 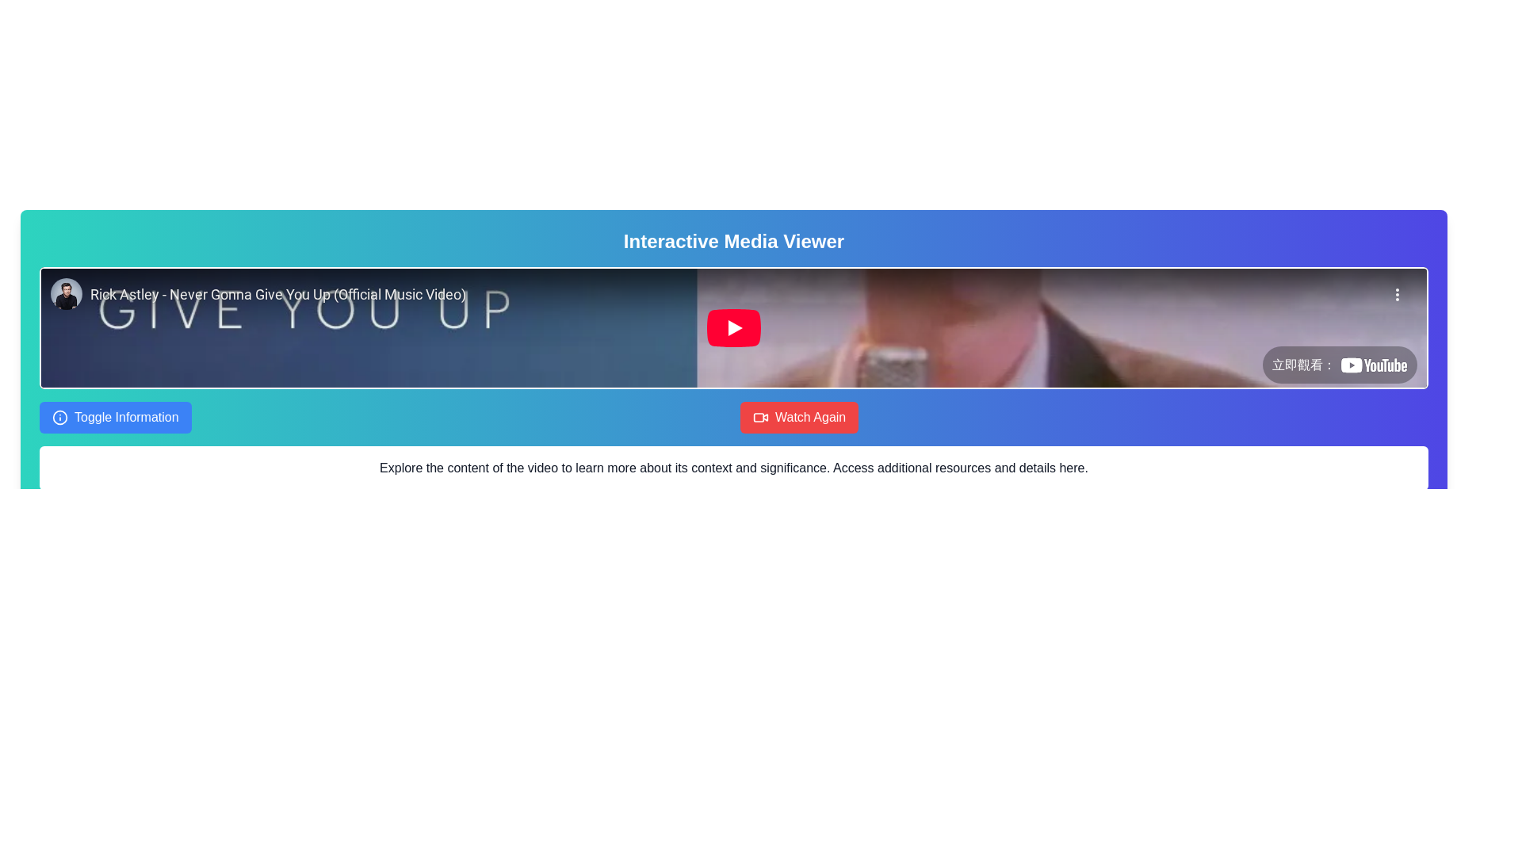 What do you see at coordinates (758, 417) in the screenshot?
I see `the rectangular Graphical Icon Component with rounded corners that has a border stroke, located within a video-related icon structure` at bounding box center [758, 417].